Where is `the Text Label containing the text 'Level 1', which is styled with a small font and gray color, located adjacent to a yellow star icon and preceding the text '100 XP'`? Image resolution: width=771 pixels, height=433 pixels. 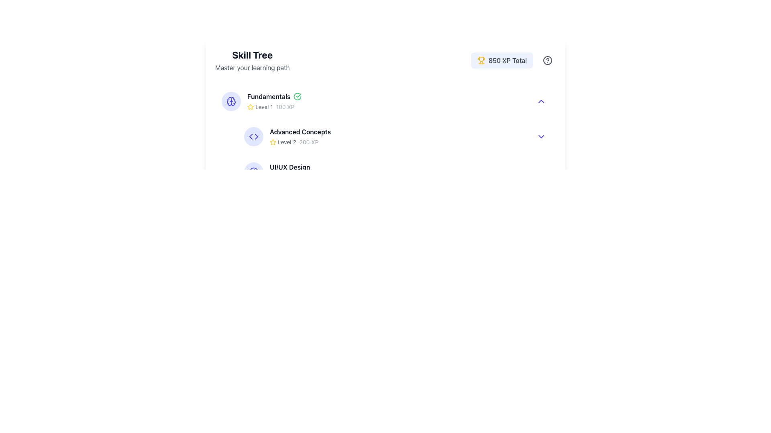
the Text Label containing the text 'Level 1', which is styled with a small font and gray color, located adjacent to a yellow star icon and preceding the text '100 XP' is located at coordinates (264, 106).